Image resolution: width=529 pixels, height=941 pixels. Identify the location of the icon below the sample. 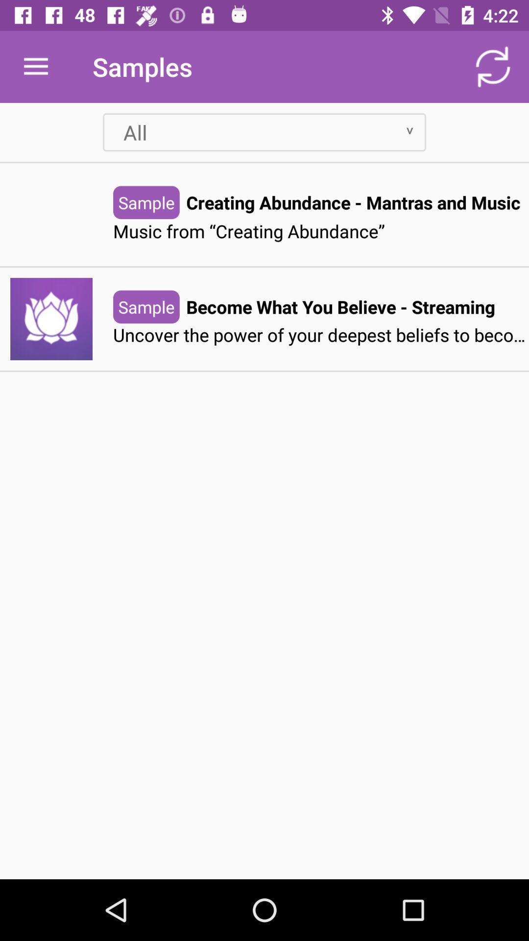
(321, 335).